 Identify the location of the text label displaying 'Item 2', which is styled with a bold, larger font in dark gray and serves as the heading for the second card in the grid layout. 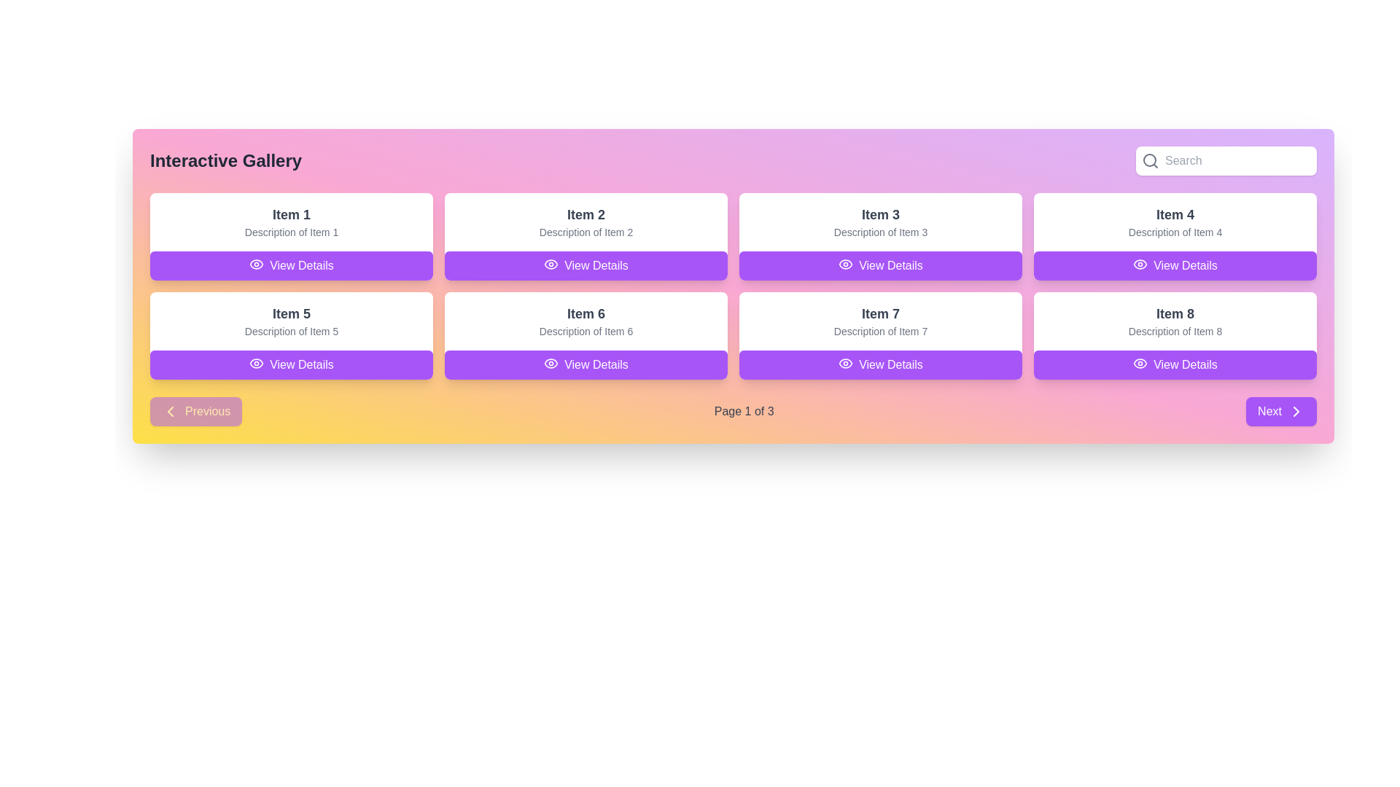
(586, 214).